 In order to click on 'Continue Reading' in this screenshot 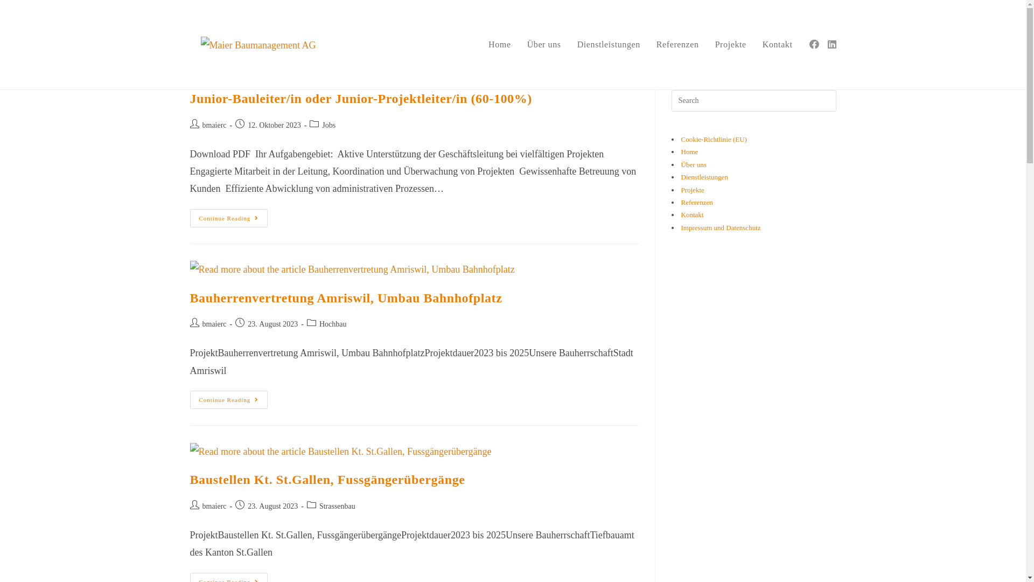, I will do `click(228, 399)`.